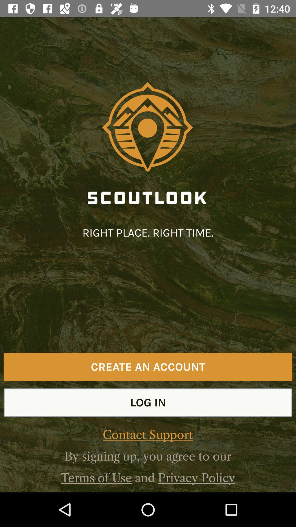 Image resolution: width=296 pixels, height=527 pixels. I want to click on create an account item, so click(148, 367).